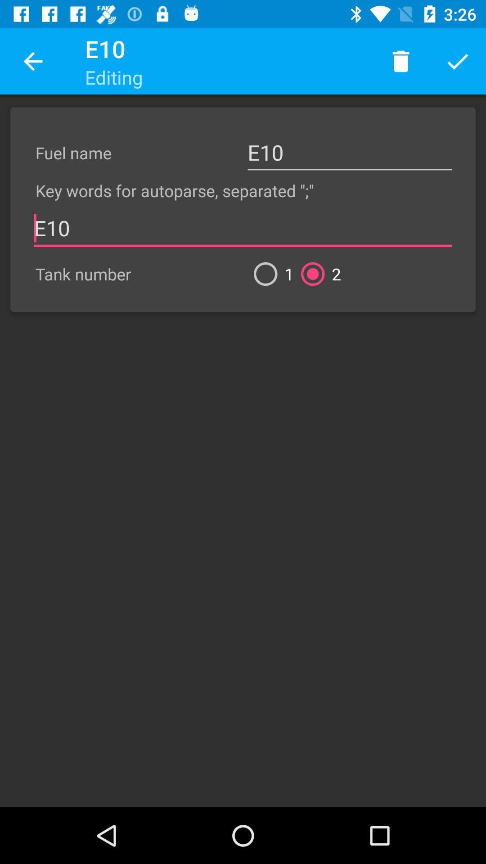 Image resolution: width=486 pixels, height=864 pixels. What do you see at coordinates (317, 274) in the screenshot?
I see `icon next to the 1 icon` at bounding box center [317, 274].